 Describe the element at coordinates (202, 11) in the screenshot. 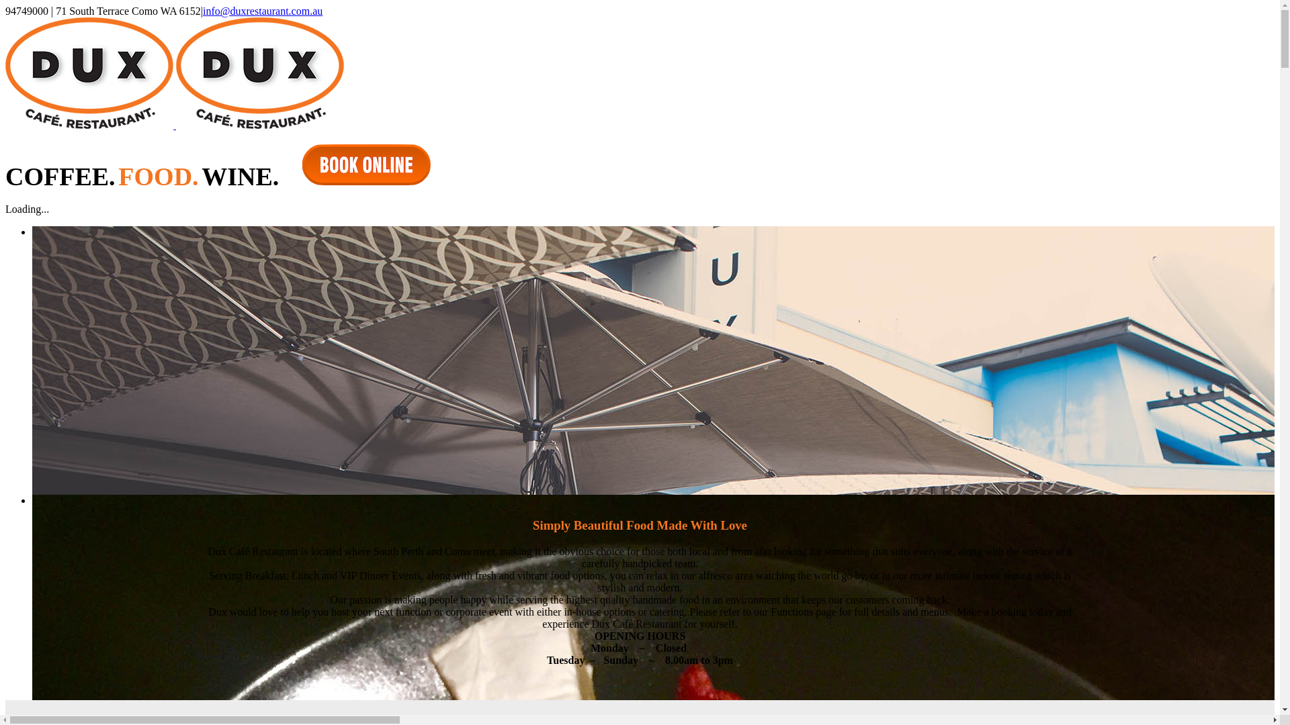

I see `'info@duxrestaurant.com.au'` at that location.